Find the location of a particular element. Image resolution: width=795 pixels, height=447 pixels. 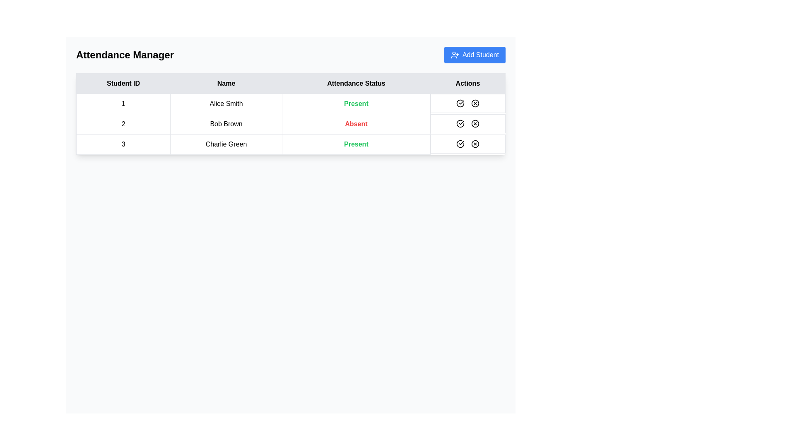

the icon depicting a user with a plus sign, located within the 'Add Student' button in the top-right corner of the interface is located at coordinates (455, 55).